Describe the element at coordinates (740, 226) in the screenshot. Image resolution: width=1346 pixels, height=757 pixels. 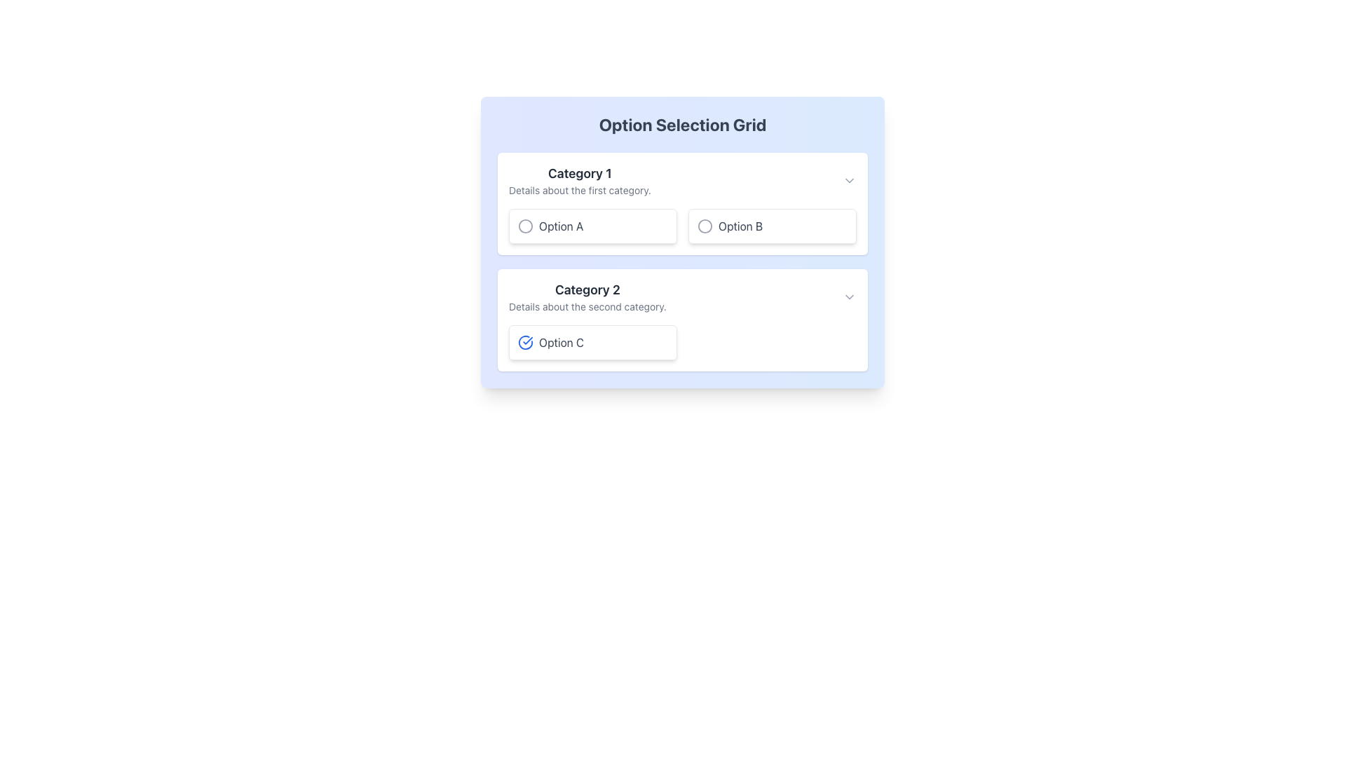
I see `the 'Option B' text label, which is a medium-sized gray text located in the first category section, second in the list, next to a circular icon` at that location.